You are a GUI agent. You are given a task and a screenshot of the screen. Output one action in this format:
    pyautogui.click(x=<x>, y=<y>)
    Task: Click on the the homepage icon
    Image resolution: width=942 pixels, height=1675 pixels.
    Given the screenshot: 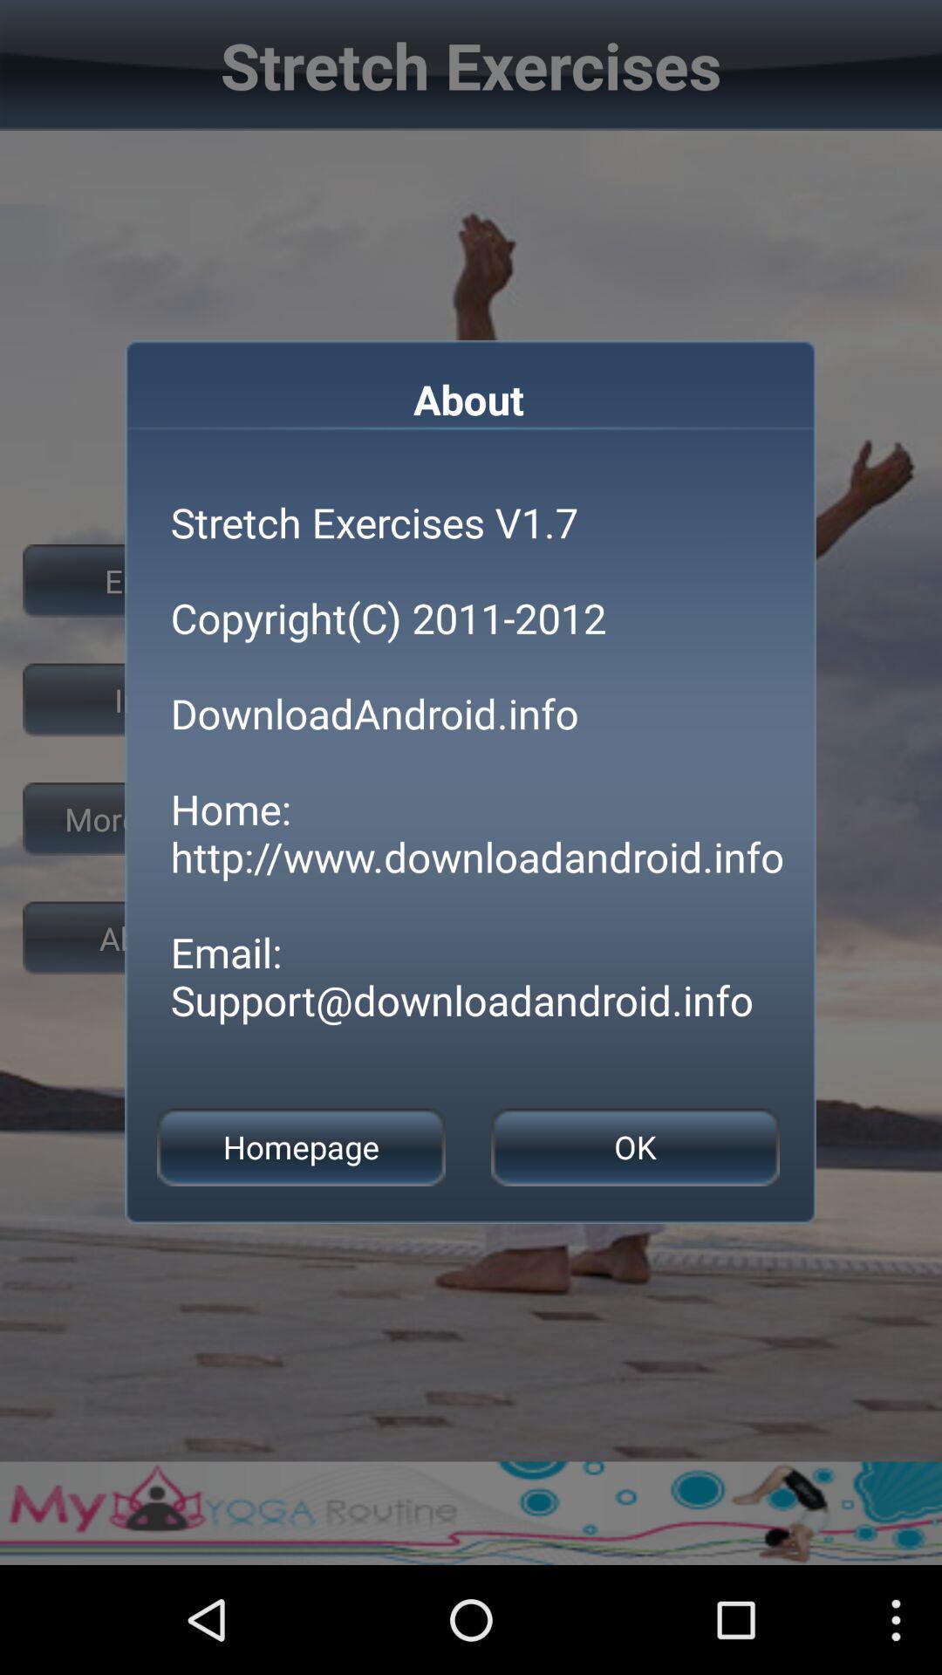 What is the action you would take?
    pyautogui.click(x=300, y=1147)
    